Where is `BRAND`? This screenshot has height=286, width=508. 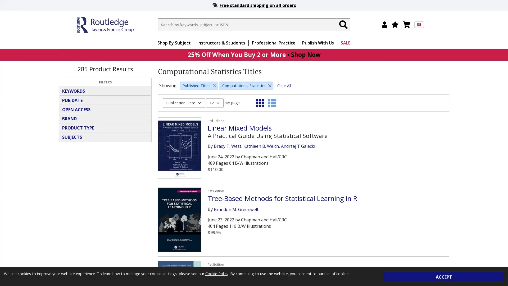 BRAND is located at coordinates (105, 118).